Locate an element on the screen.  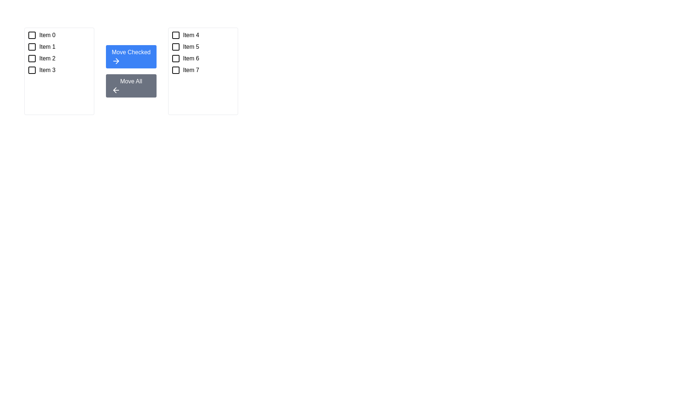
the 'Move Checked' button, which has a blue background and white text, to move selected items is located at coordinates (131, 56).